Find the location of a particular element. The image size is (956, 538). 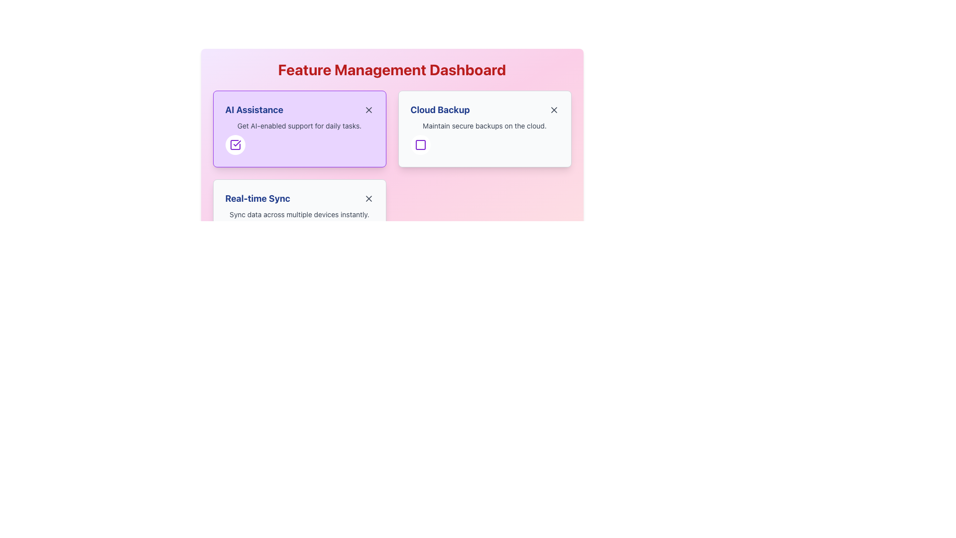

the circular button with a purple check icon located at the bottom-left corner of the informational card labeled 'AI Assistance' is located at coordinates (299, 128).